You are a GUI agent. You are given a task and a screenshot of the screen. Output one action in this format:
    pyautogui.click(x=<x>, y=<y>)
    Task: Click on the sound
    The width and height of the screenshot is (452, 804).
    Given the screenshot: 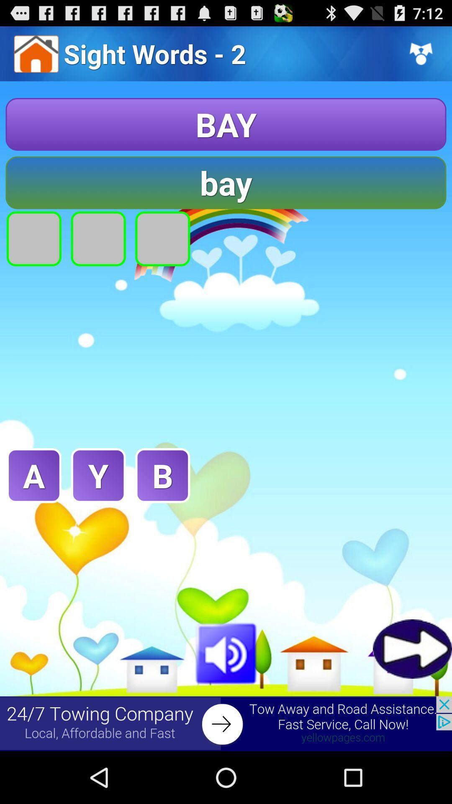 What is the action you would take?
    pyautogui.click(x=226, y=652)
    